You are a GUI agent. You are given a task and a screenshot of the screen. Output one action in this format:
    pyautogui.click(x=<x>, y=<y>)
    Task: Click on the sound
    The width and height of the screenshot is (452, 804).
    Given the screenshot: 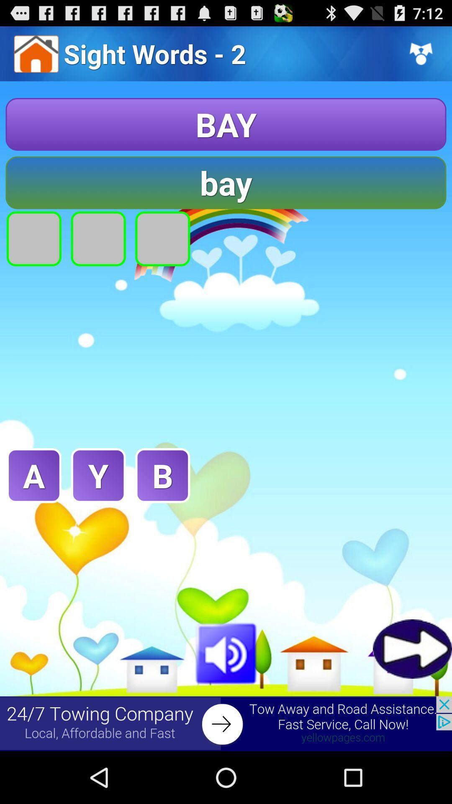 What is the action you would take?
    pyautogui.click(x=226, y=652)
    